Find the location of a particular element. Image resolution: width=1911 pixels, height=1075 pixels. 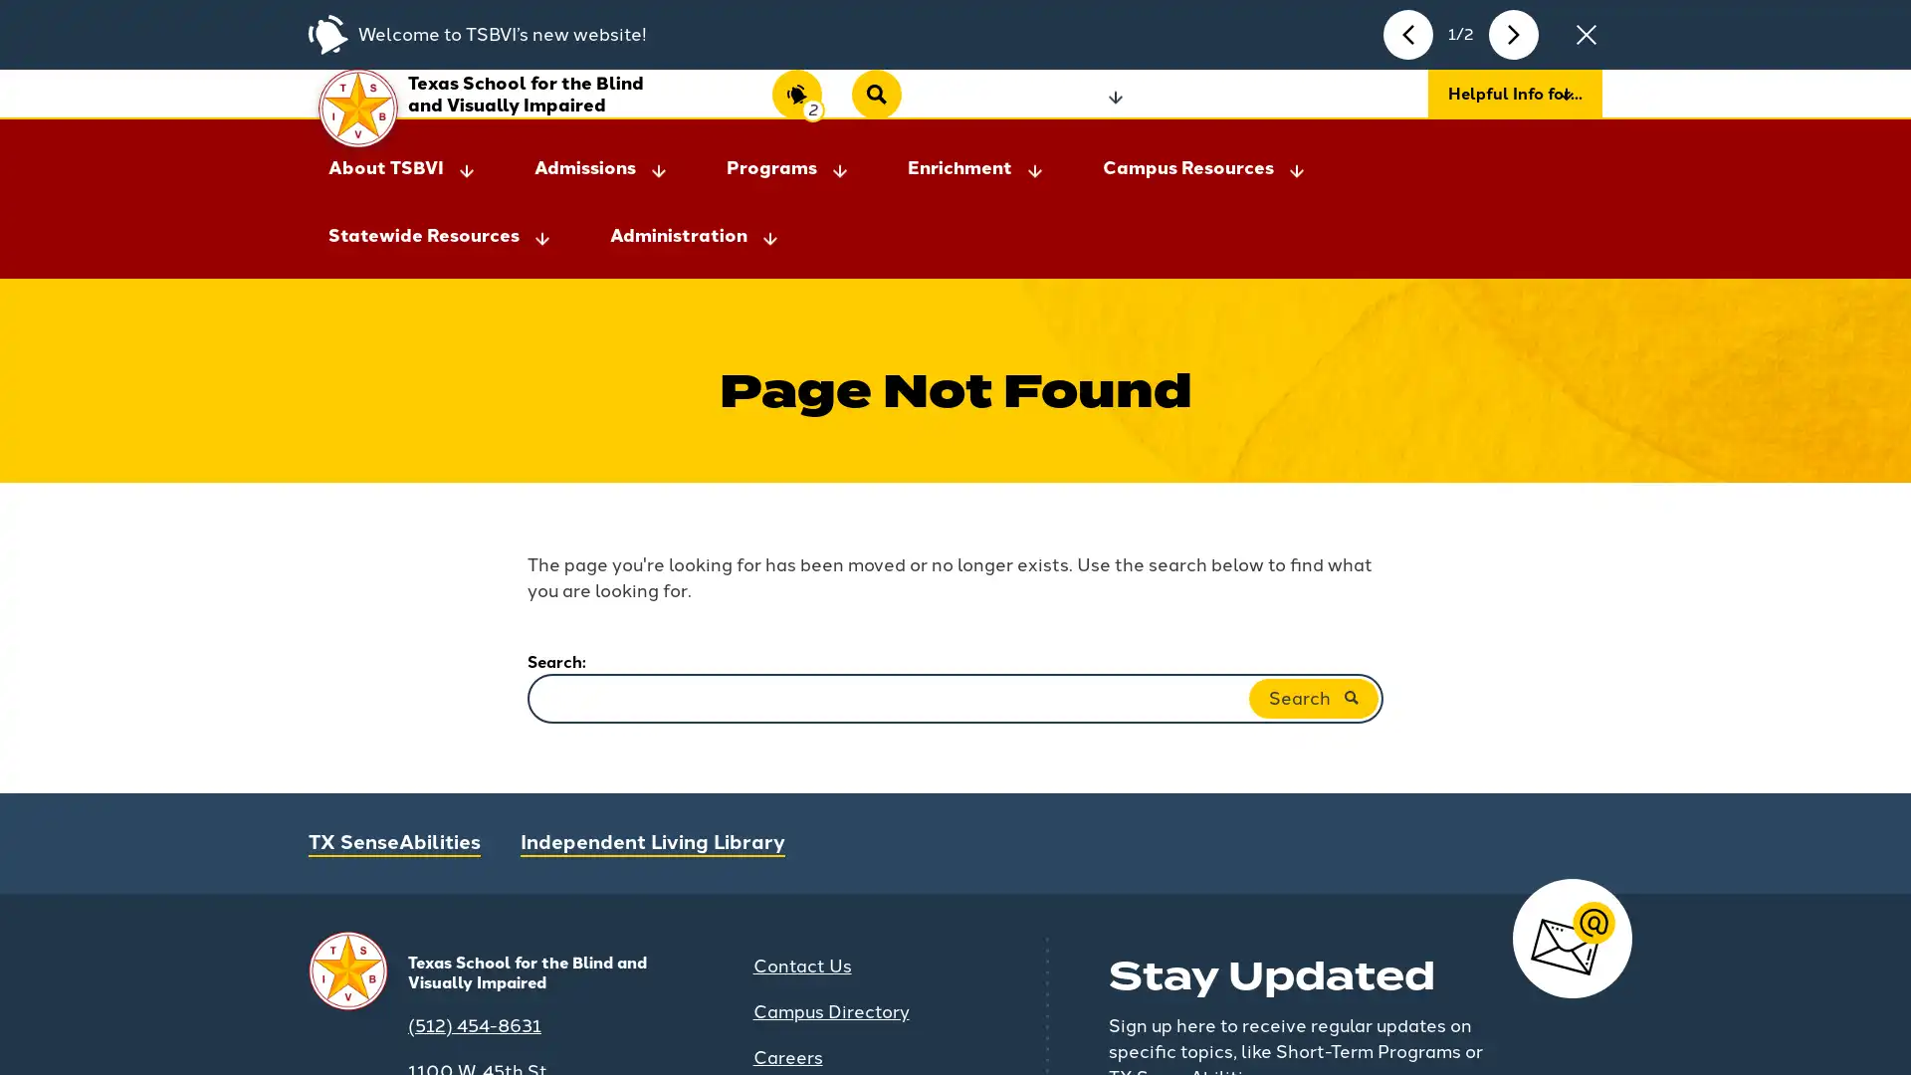

Search is located at coordinates (1314, 674).